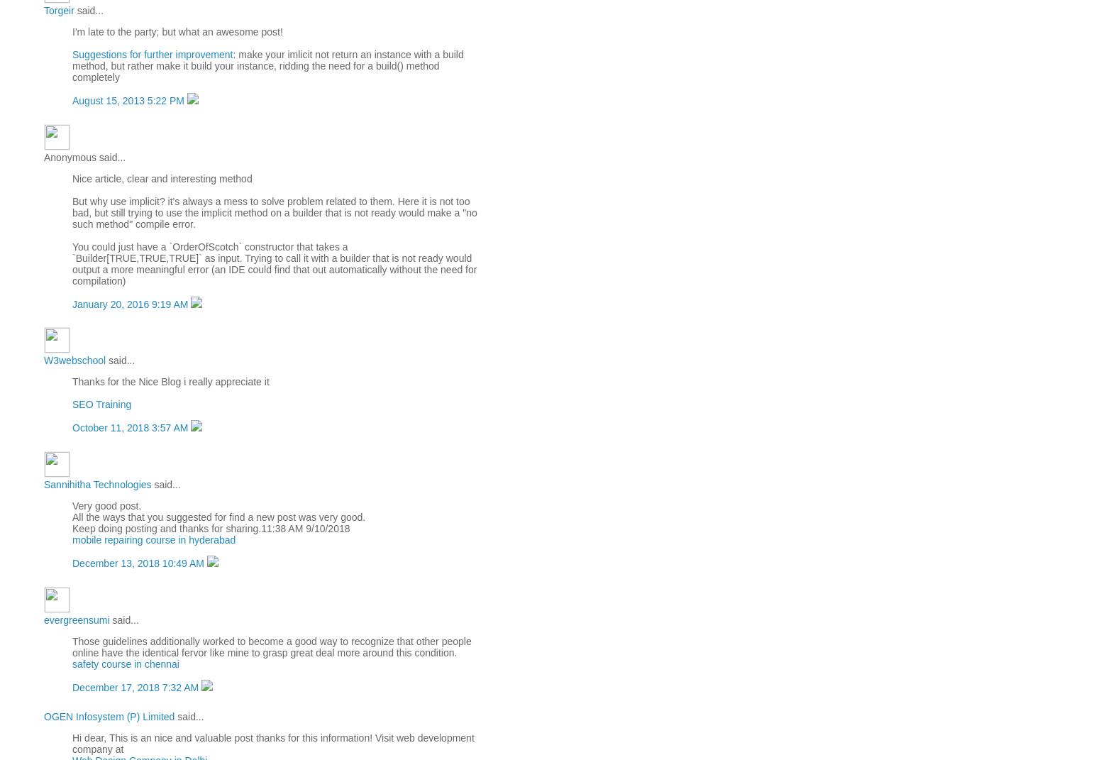 This screenshot has width=1096, height=760. I want to click on 'Suggestions for further improvement', so click(153, 53).